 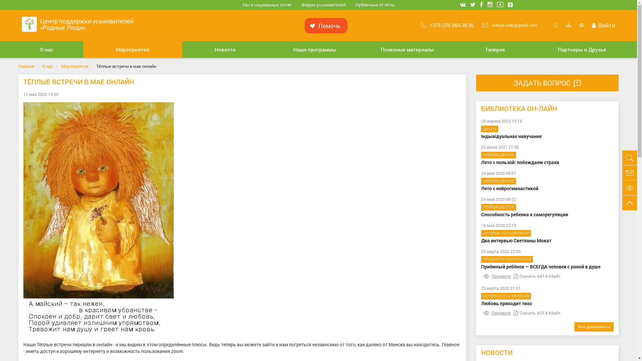 What do you see at coordinates (629, 172) in the screenshot?
I see `'rodnye.ludy@gmail.com'` at bounding box center [629, 172].